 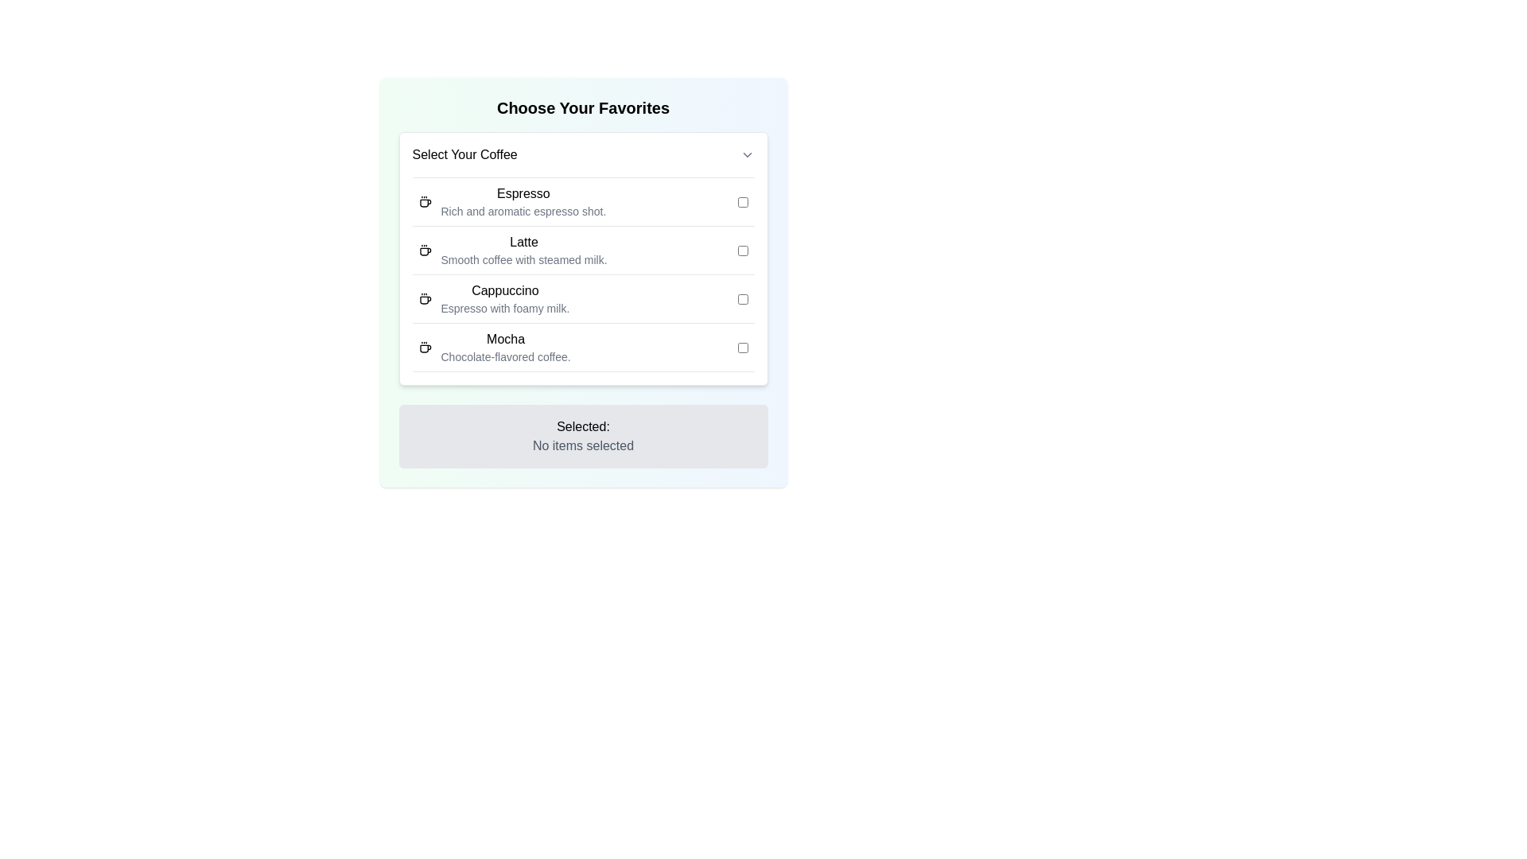 What do you see at coordinates (742, 346) in the screenshot?
I see `the checkbox` at bounding box center [742, 346].